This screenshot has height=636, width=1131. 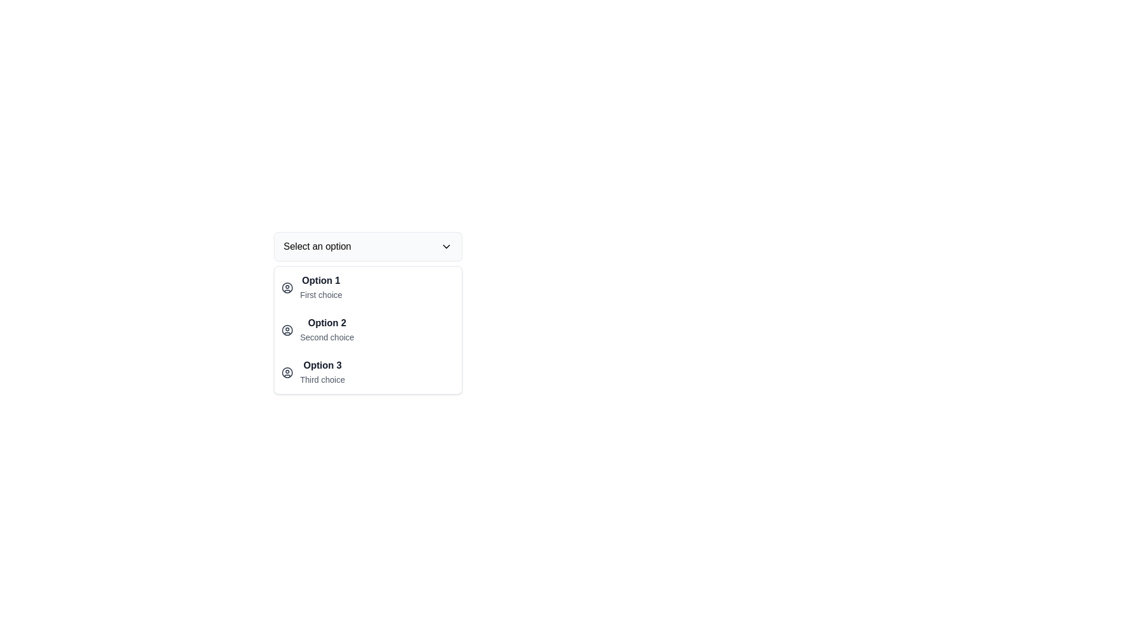 I want to click on the list item displaying 'Option 3' with the description 'Third choice', so click(x=367, y=372).